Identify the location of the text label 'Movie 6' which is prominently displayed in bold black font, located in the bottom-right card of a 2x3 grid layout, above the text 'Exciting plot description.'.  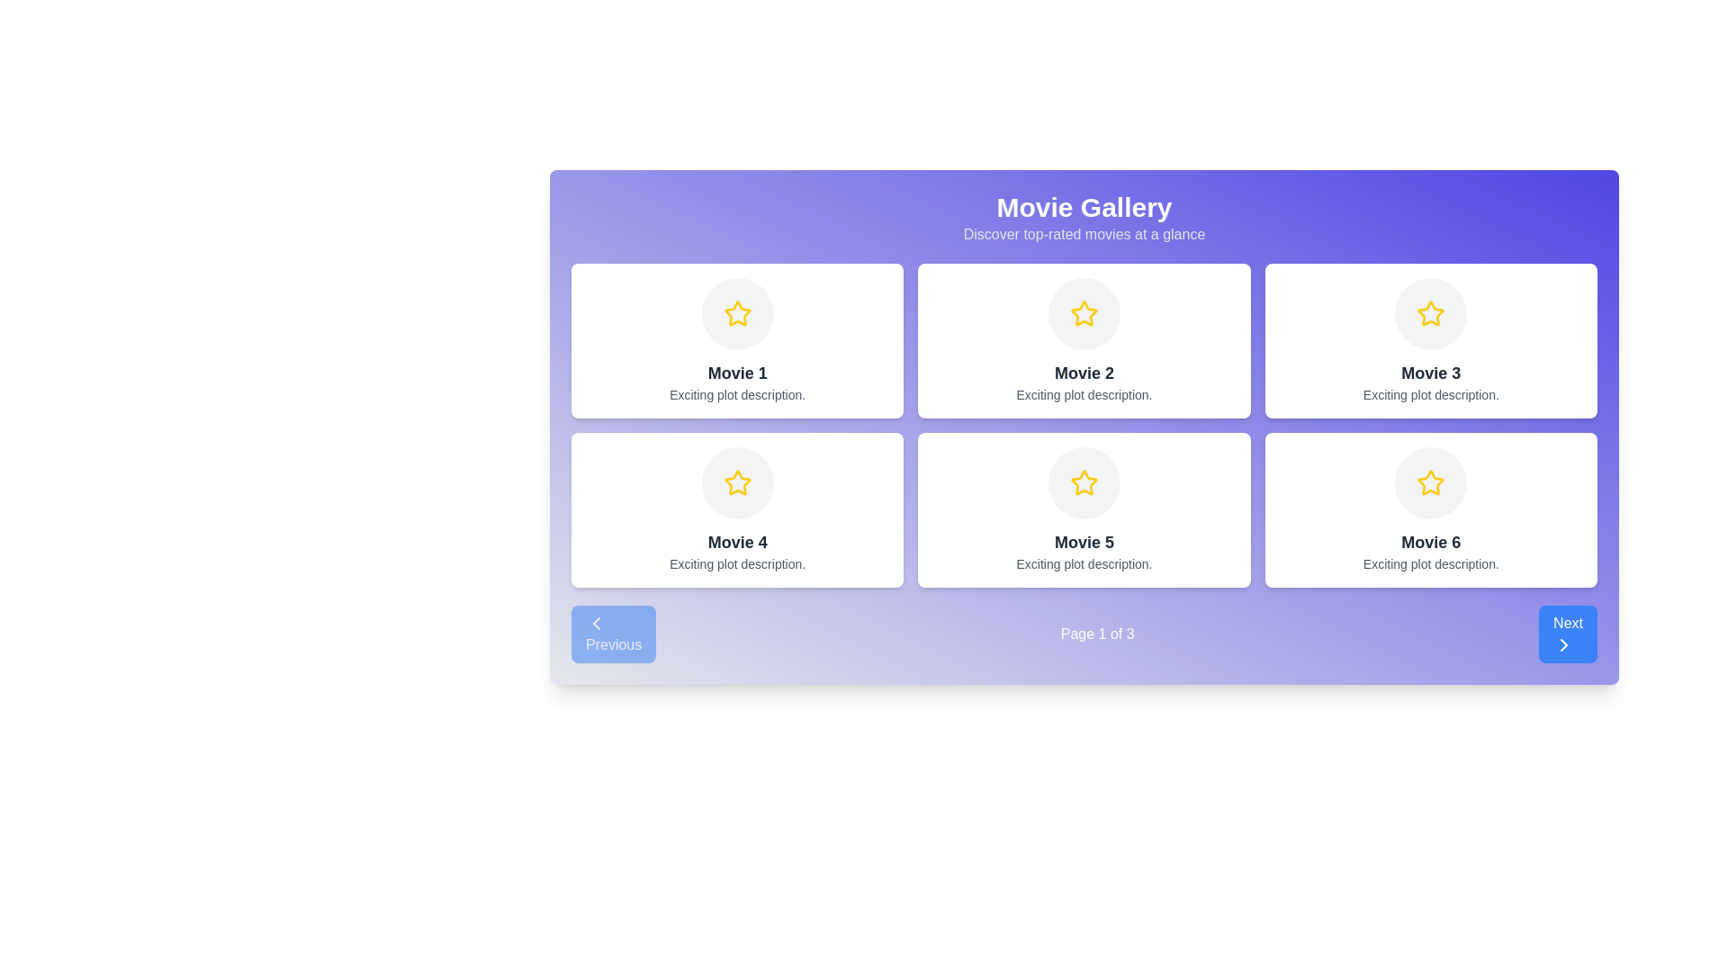
(1430, 541).